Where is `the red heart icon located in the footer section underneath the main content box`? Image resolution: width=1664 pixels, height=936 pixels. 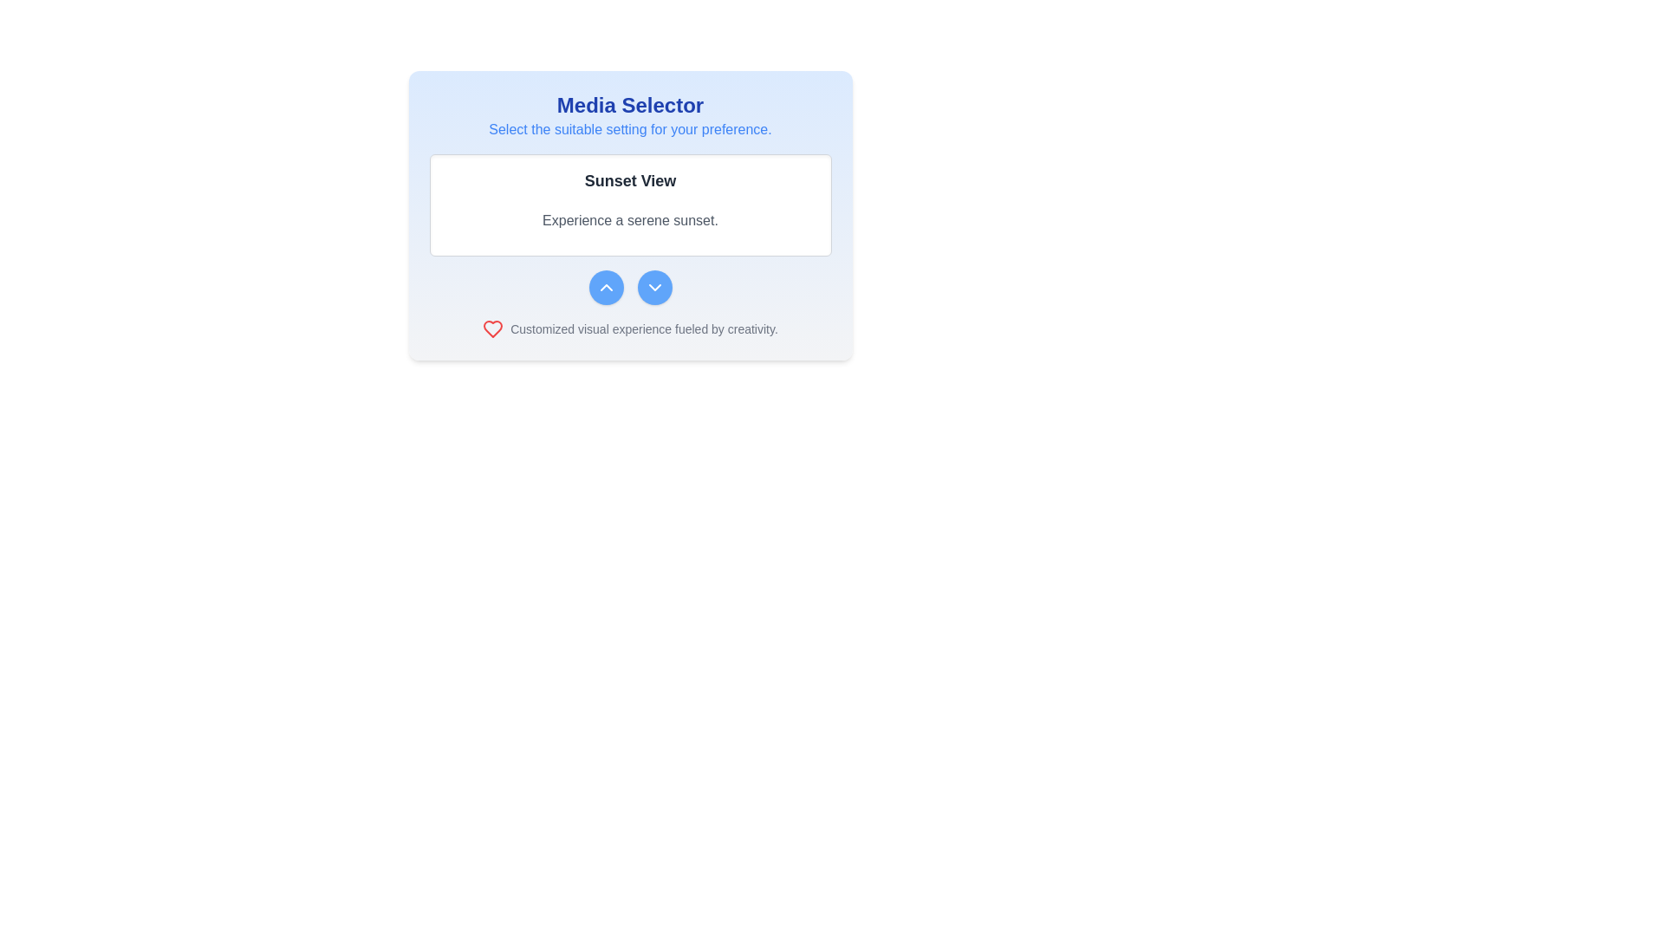
the red heart icon located in the footer section underneath the main content box is located at coordinates (492, 329).